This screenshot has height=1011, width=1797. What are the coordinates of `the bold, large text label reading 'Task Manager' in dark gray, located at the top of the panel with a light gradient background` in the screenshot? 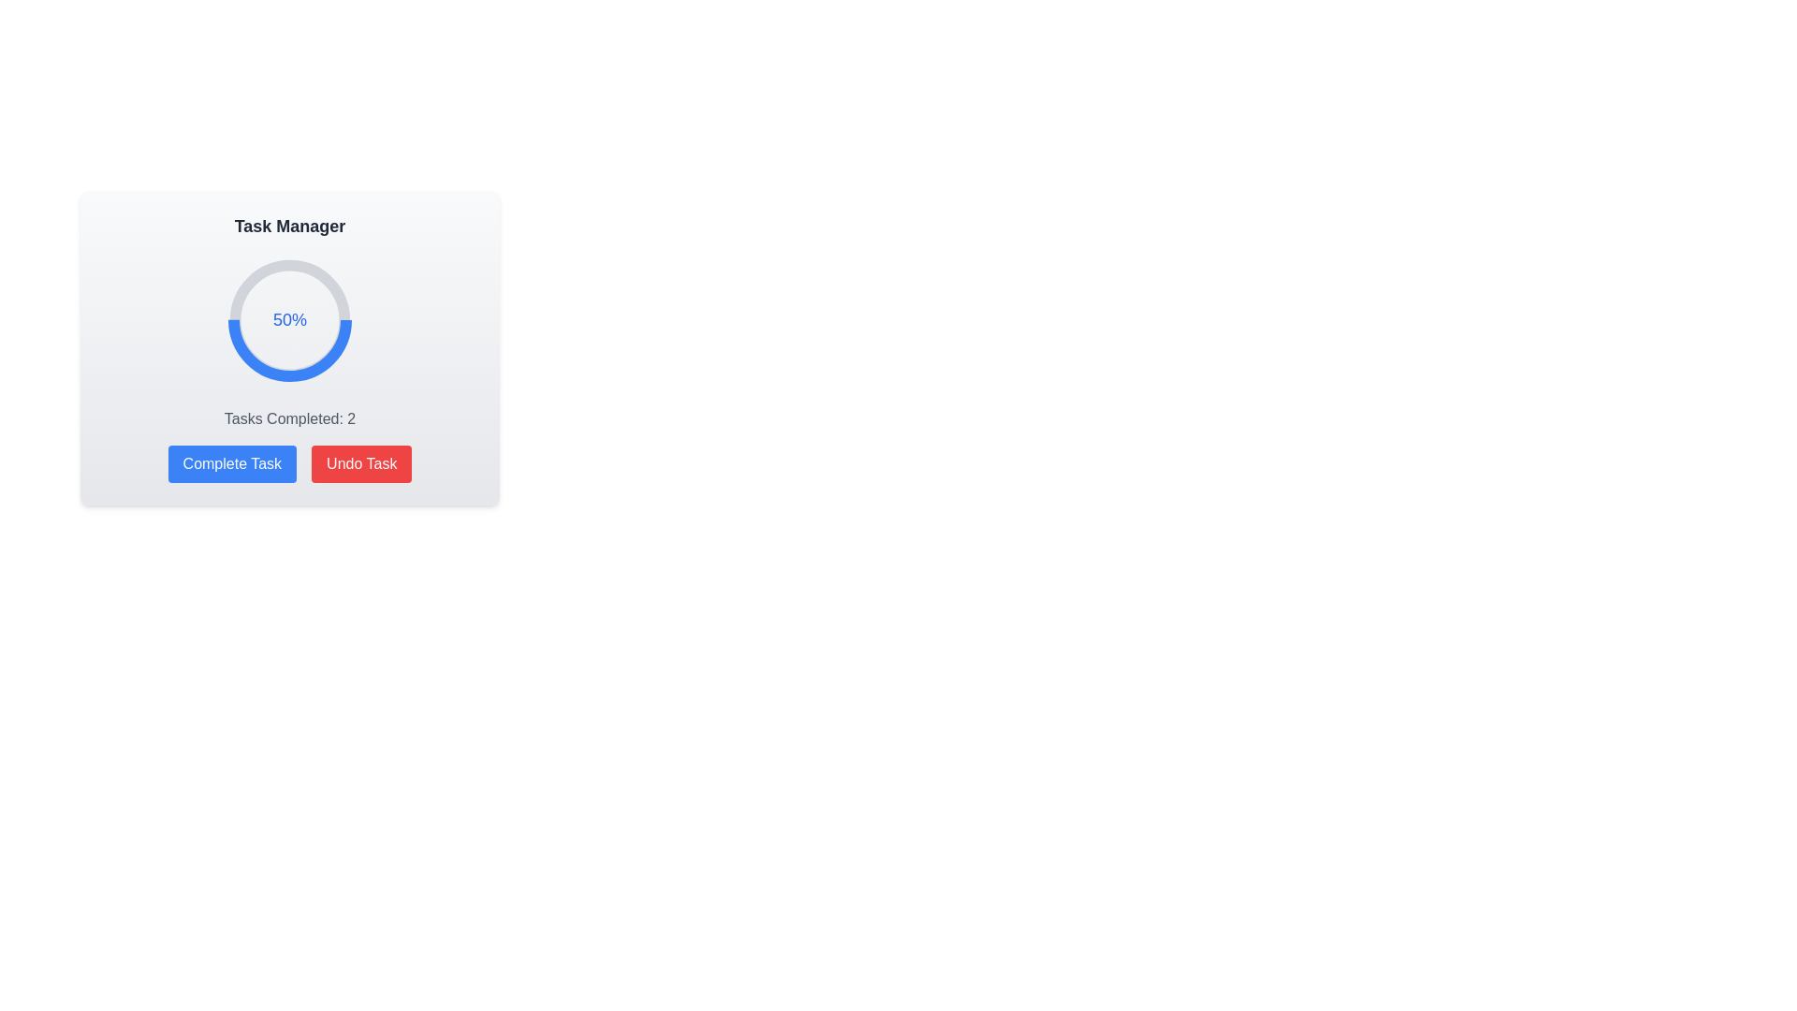 It's located at (289, 226).